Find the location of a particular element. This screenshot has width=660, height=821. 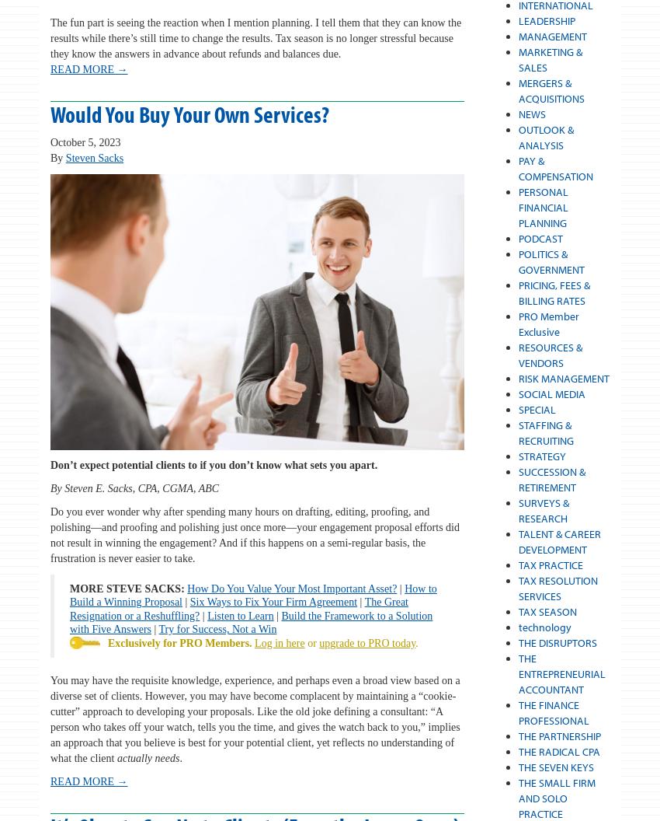

'PRICING, FEES & BILLING RATES' is located at coordinates (552, 292).